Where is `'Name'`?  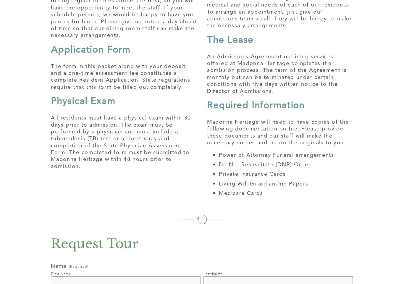
'Name' is located at coordinates (58, 265).